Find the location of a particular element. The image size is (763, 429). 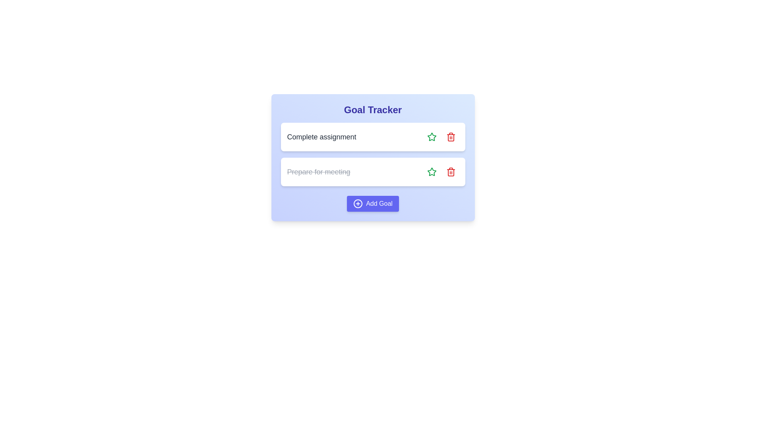

the text component displaying the title 'Goal Tracker' in bold, large indigo font, located at the top-center of a card component is located at coordinates (372, 110).